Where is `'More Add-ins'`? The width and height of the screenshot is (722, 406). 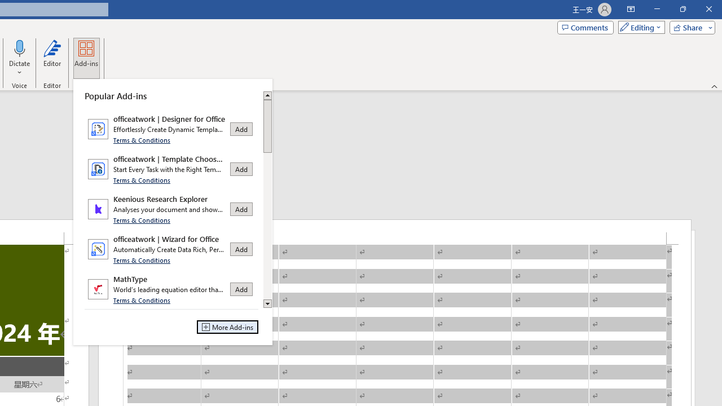 'More Add-ins' is located at coordinates (227, 326).